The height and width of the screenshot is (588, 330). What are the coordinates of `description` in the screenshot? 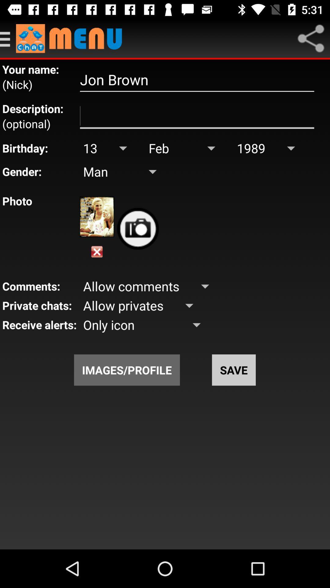 It's located at (197, 116).